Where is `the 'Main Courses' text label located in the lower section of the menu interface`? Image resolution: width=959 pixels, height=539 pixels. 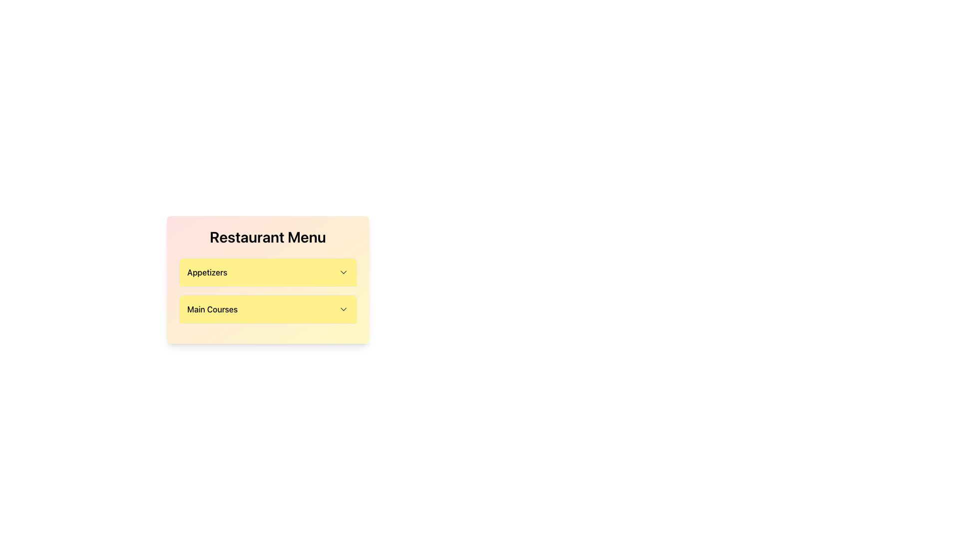 the 'Main Courses' text label located in the lower section of the menu interface is located at coordinates (212, 309).